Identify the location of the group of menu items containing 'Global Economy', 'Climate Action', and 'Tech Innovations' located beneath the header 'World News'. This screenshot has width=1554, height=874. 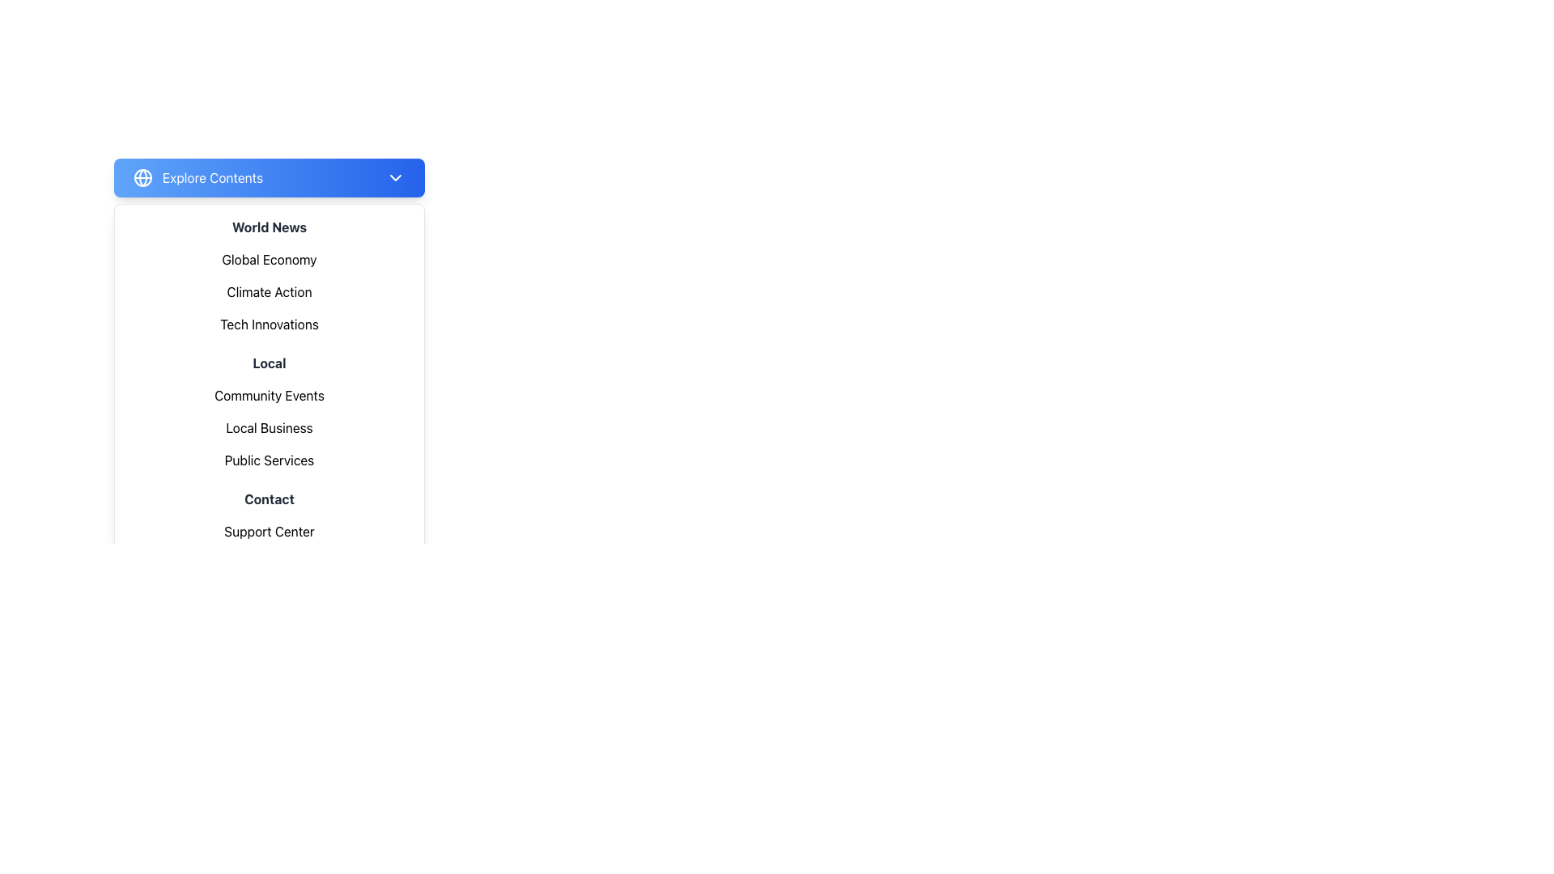
(269, 292).